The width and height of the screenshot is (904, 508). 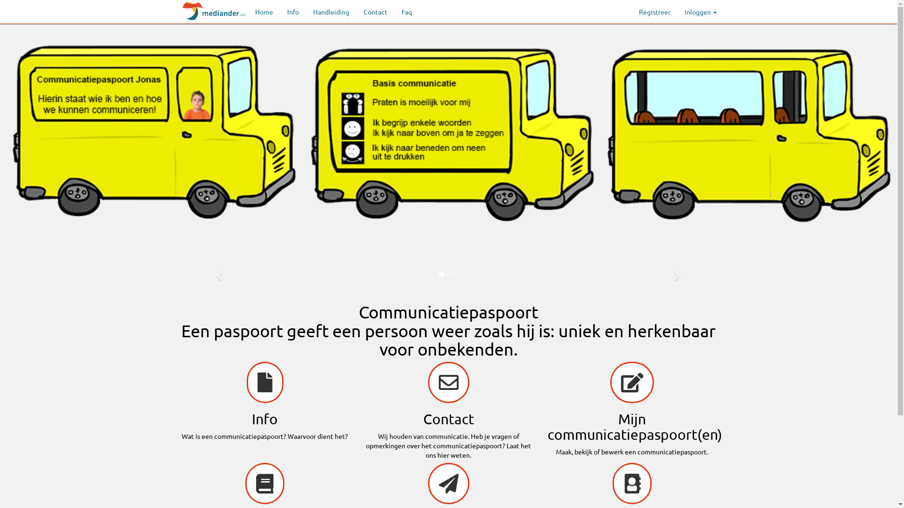 I want to click on 'Vorige', so click(x=219, y=274).